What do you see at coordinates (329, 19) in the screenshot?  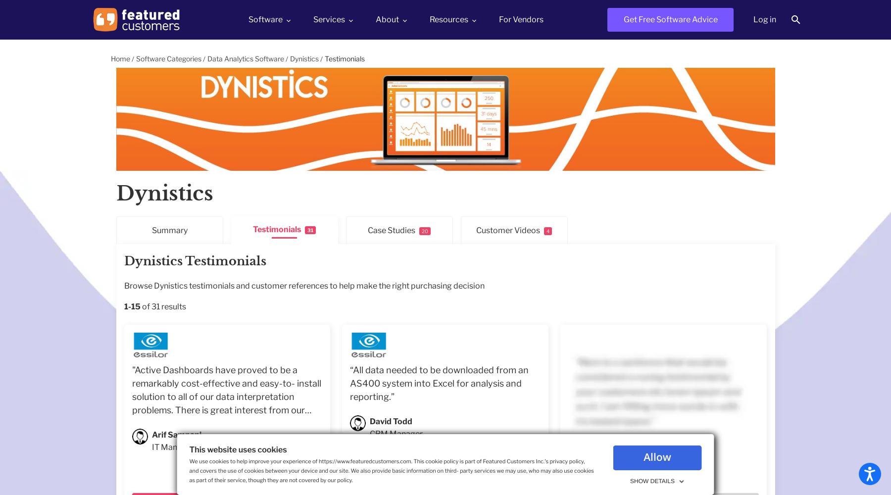 I see `'Services'` at bounding box center [329, 19].